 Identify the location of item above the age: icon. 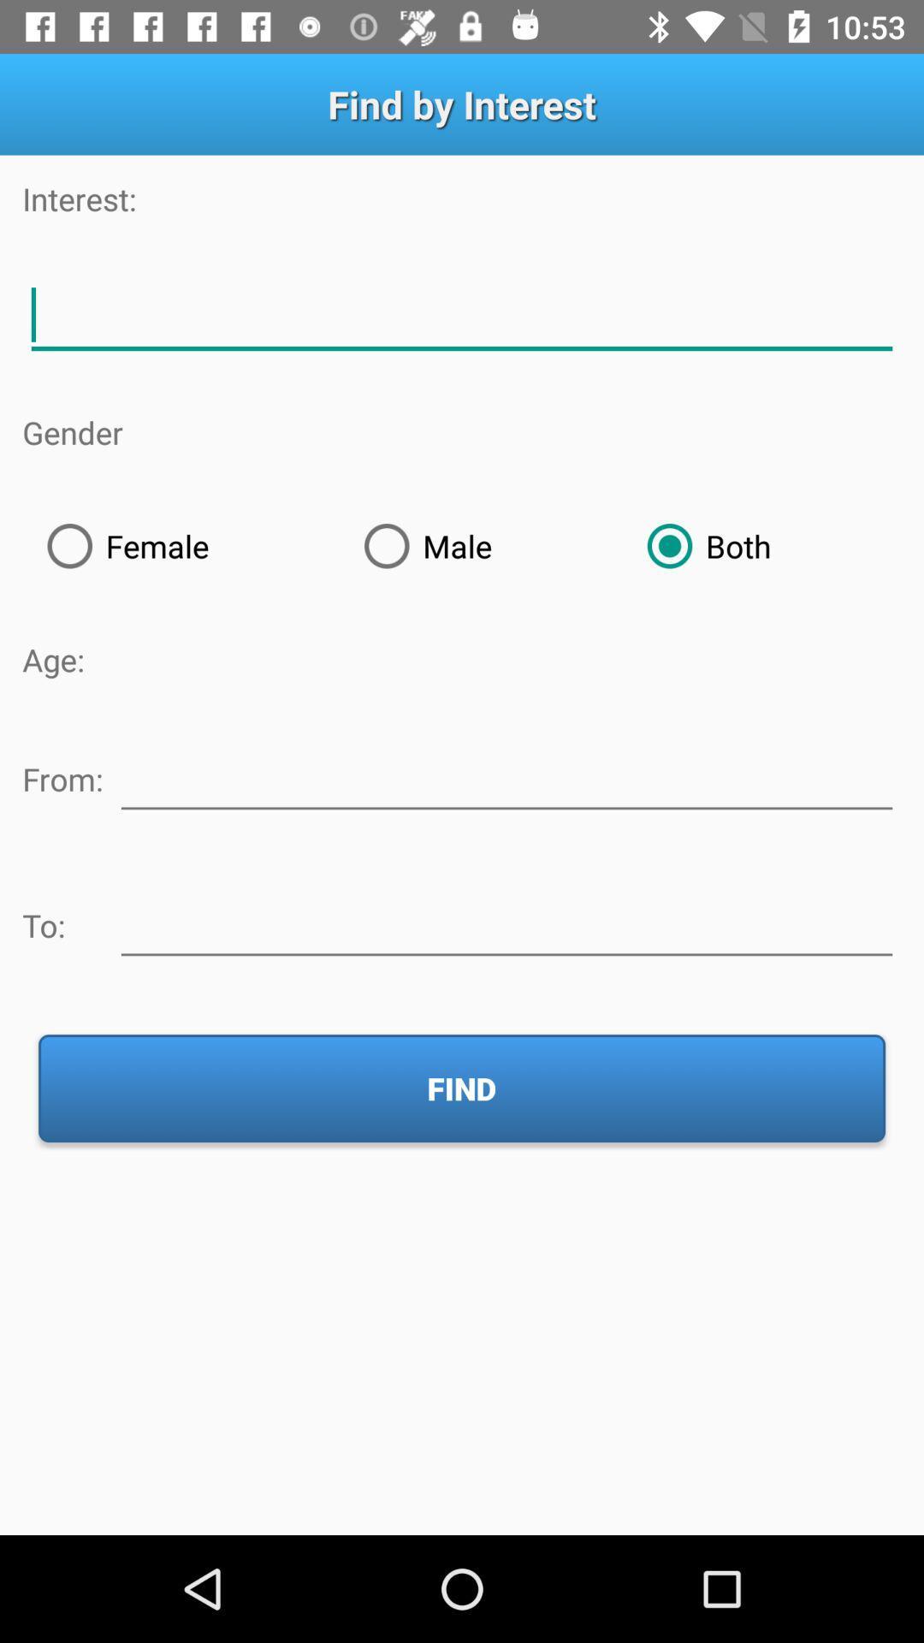
(181, 545).